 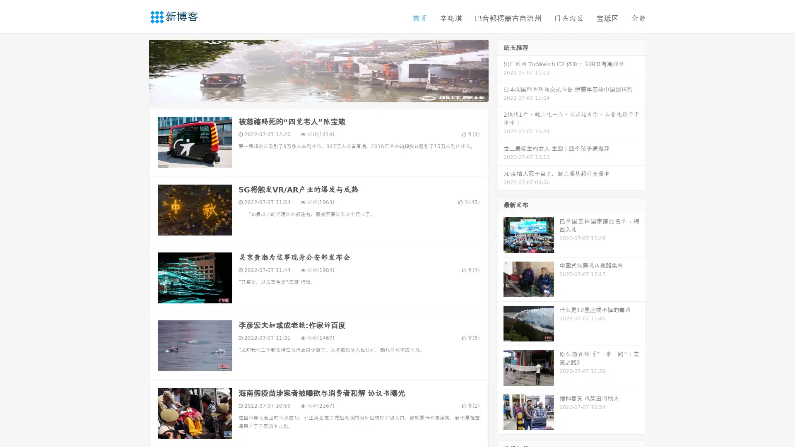 I want to click on Next slide, so click(x=500, y=70).